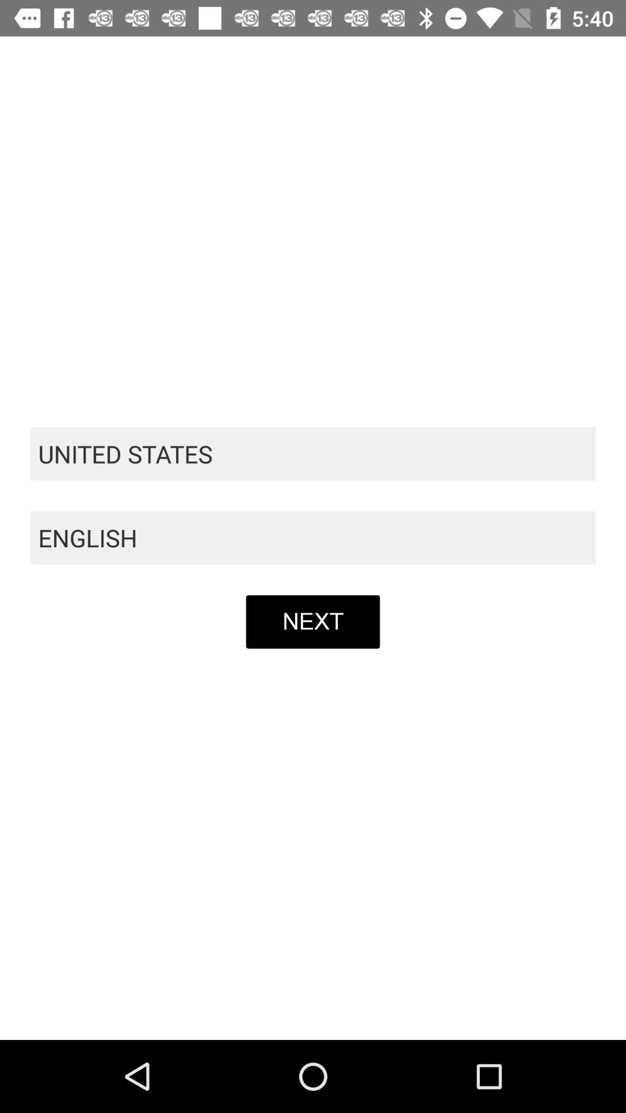 Image resolution: width=626 pixels, height=1113 pixels. Describe the element at coordinates (313, 621) in the screenshot. I see `next` at that location.